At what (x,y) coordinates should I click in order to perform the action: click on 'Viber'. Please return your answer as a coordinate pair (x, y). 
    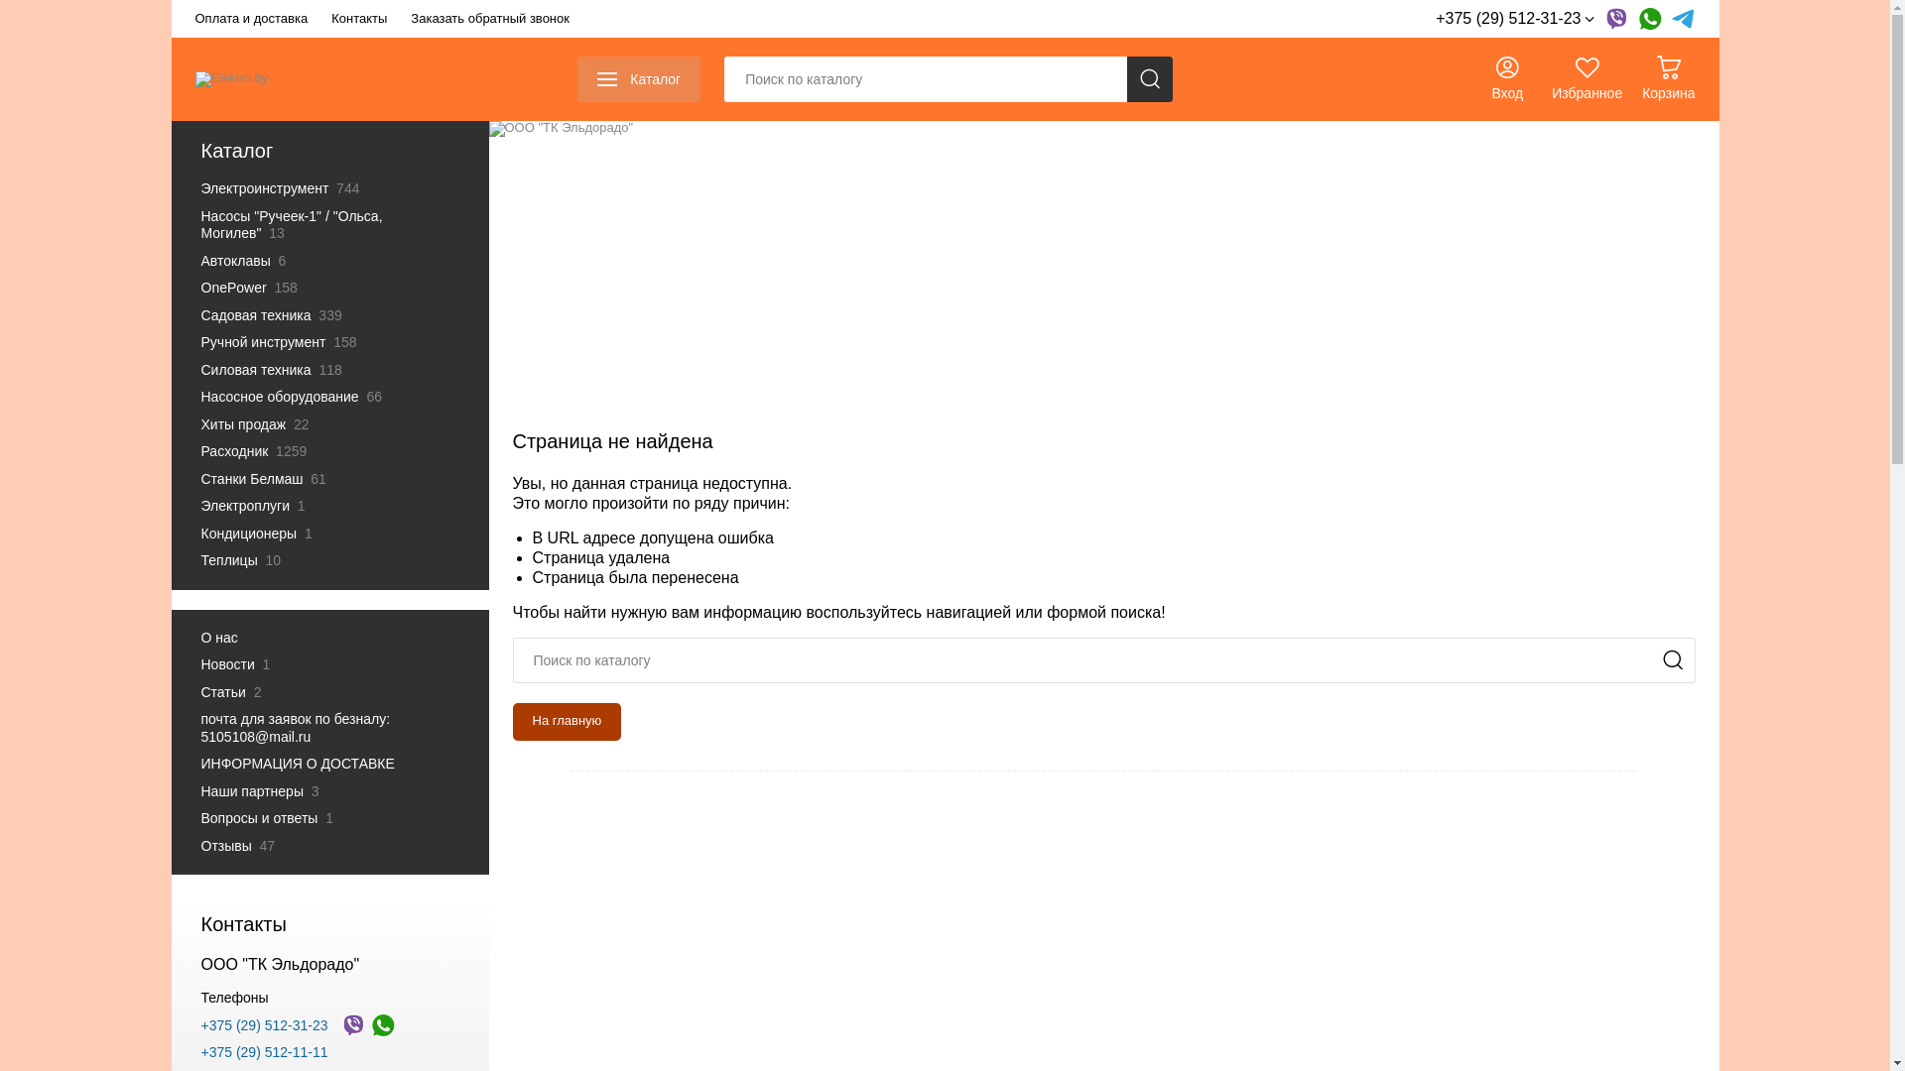
    Looking at the image, I should click on (352, 1024).